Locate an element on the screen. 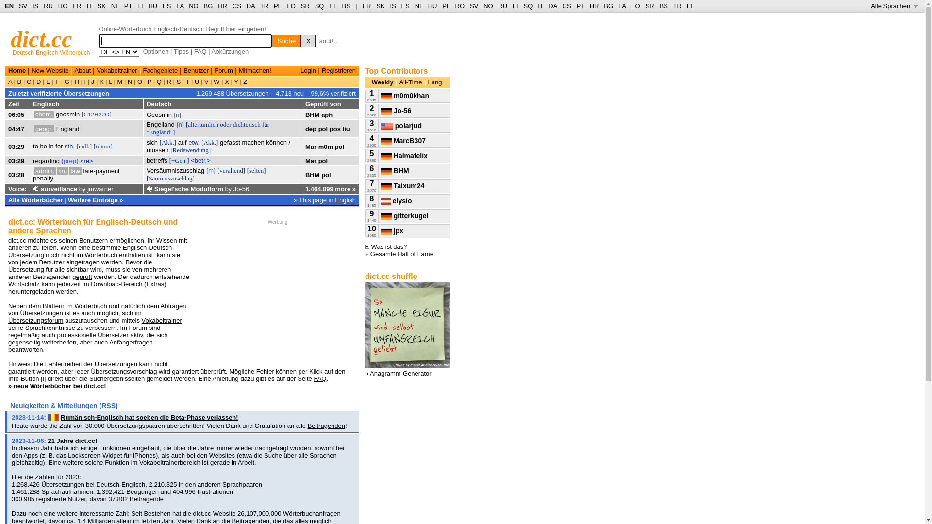  'BG' is located at coordinates (203, 6).